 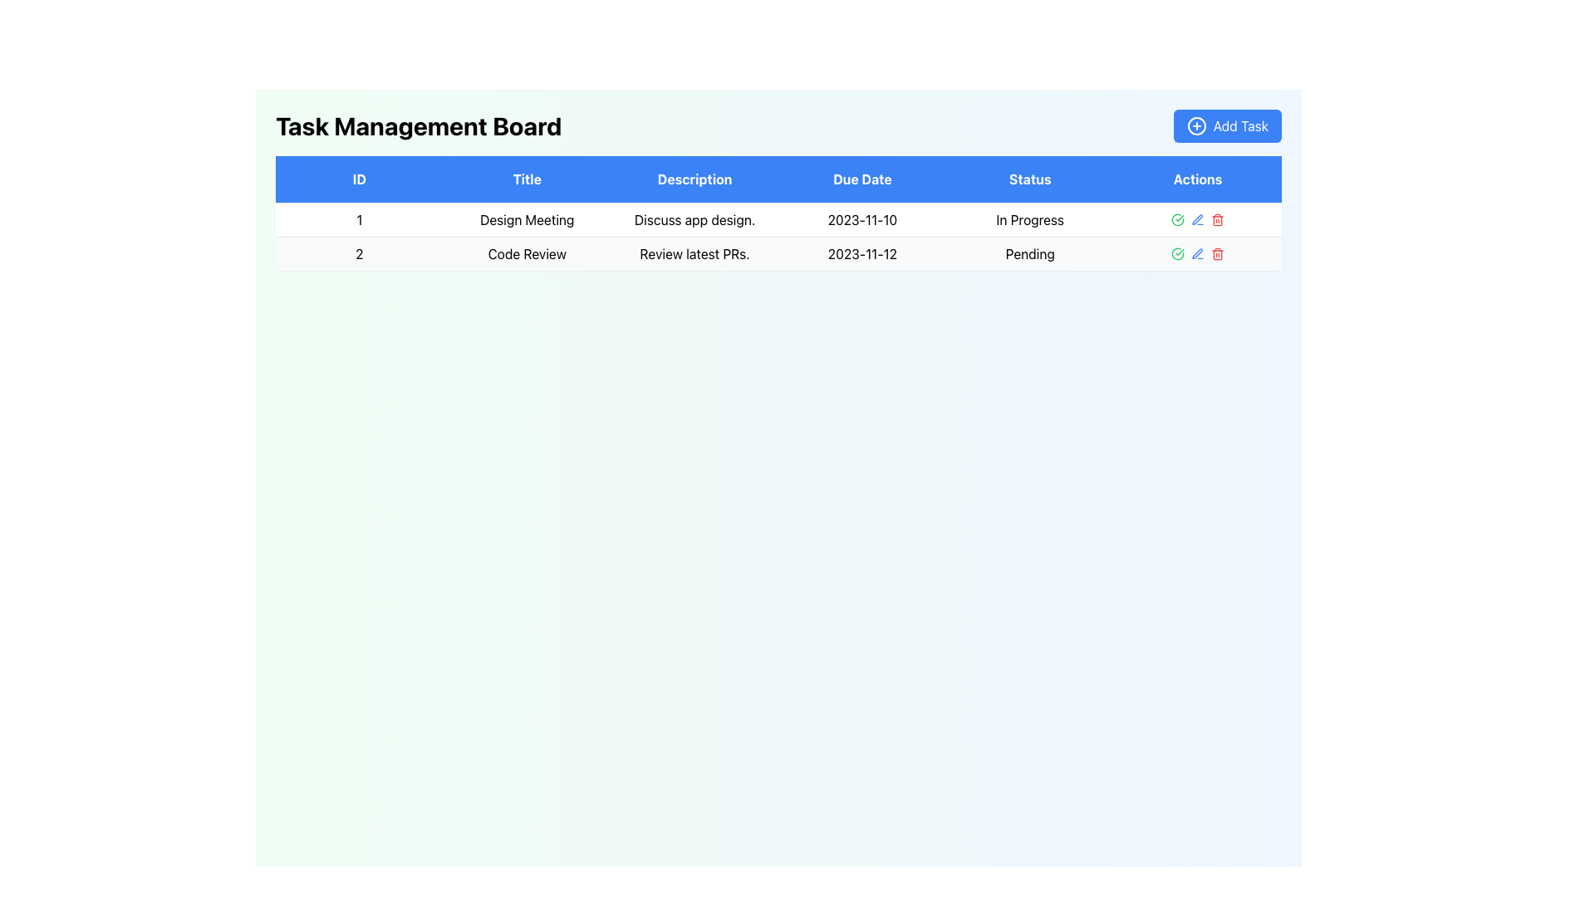 What do you see at coordinates (1198, 179) in the screenshot?
I see `the 'Actions' table column header, which is the last column header on the right with white text on a blue background` at bounding box center [1198, 179].